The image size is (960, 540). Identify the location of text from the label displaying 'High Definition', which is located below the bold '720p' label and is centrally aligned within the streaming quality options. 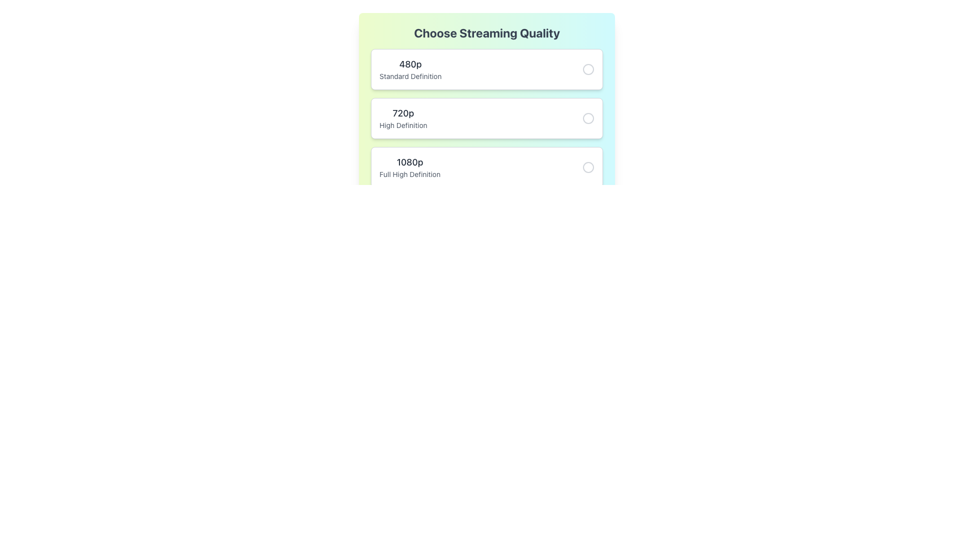
(403, 124).